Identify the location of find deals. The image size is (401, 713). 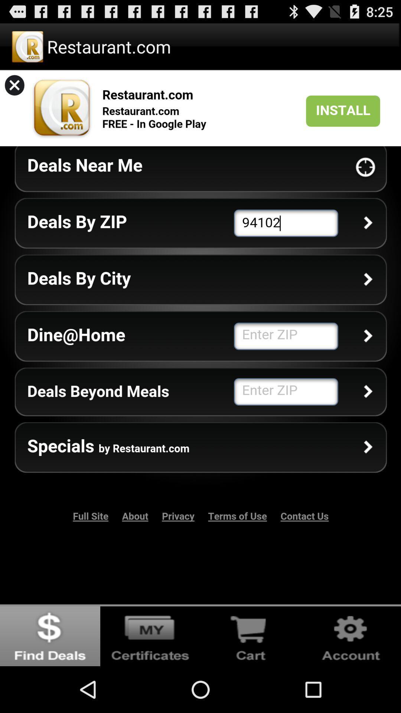
(50, 635).